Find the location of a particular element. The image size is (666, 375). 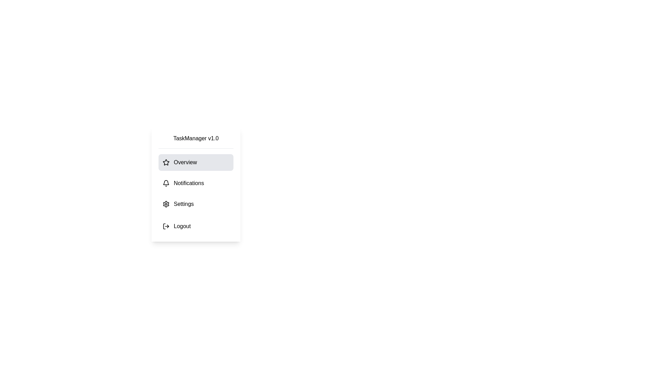

the 'Settings' label located in the vertical menu under 'TaskManager v1.0', positioned between 'Notifications' and 'Logout' is located at coordinates (183, 203).